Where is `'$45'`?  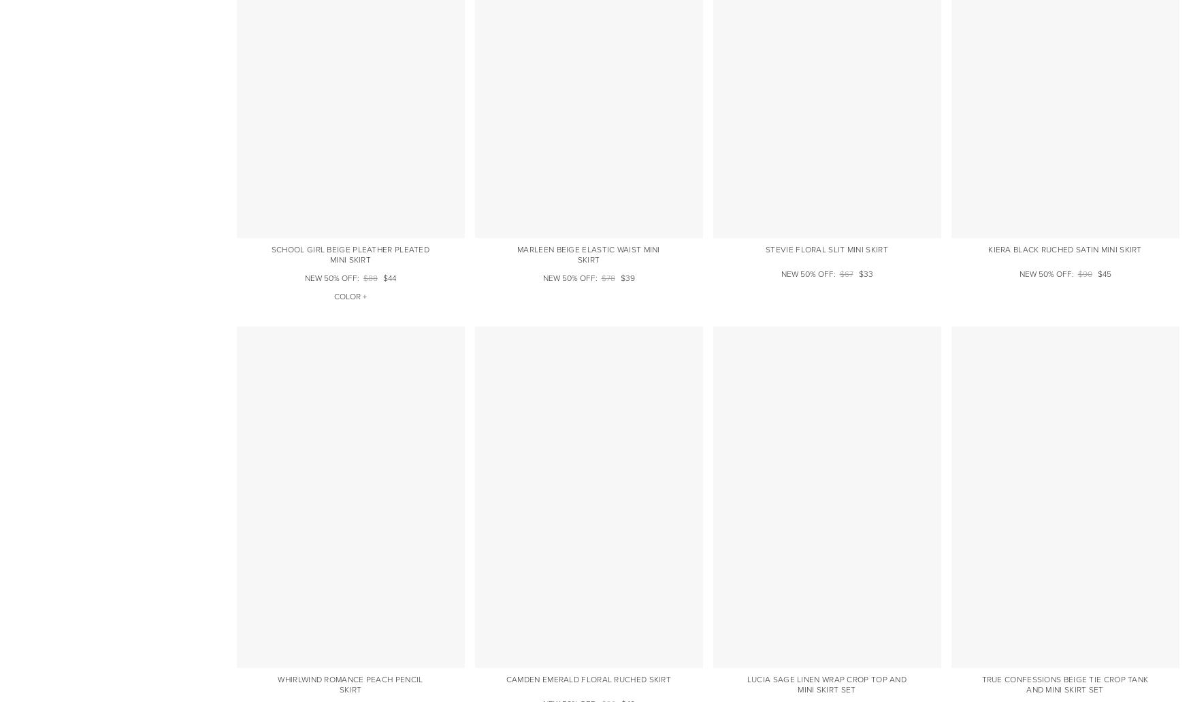 '$45' is located at coordinates (1096, 273).